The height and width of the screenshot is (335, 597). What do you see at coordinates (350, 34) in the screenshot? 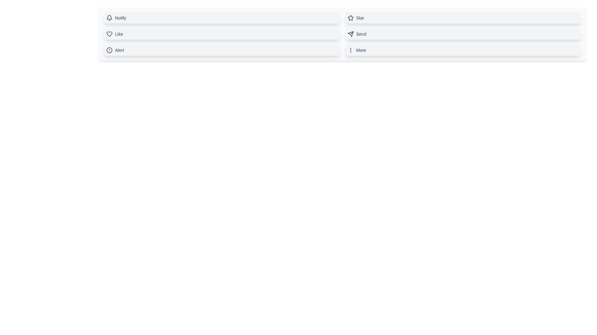
I see `the send-like icon located within the 'Send' button in the top-right section of the interface` at bounding box center [350, 34].